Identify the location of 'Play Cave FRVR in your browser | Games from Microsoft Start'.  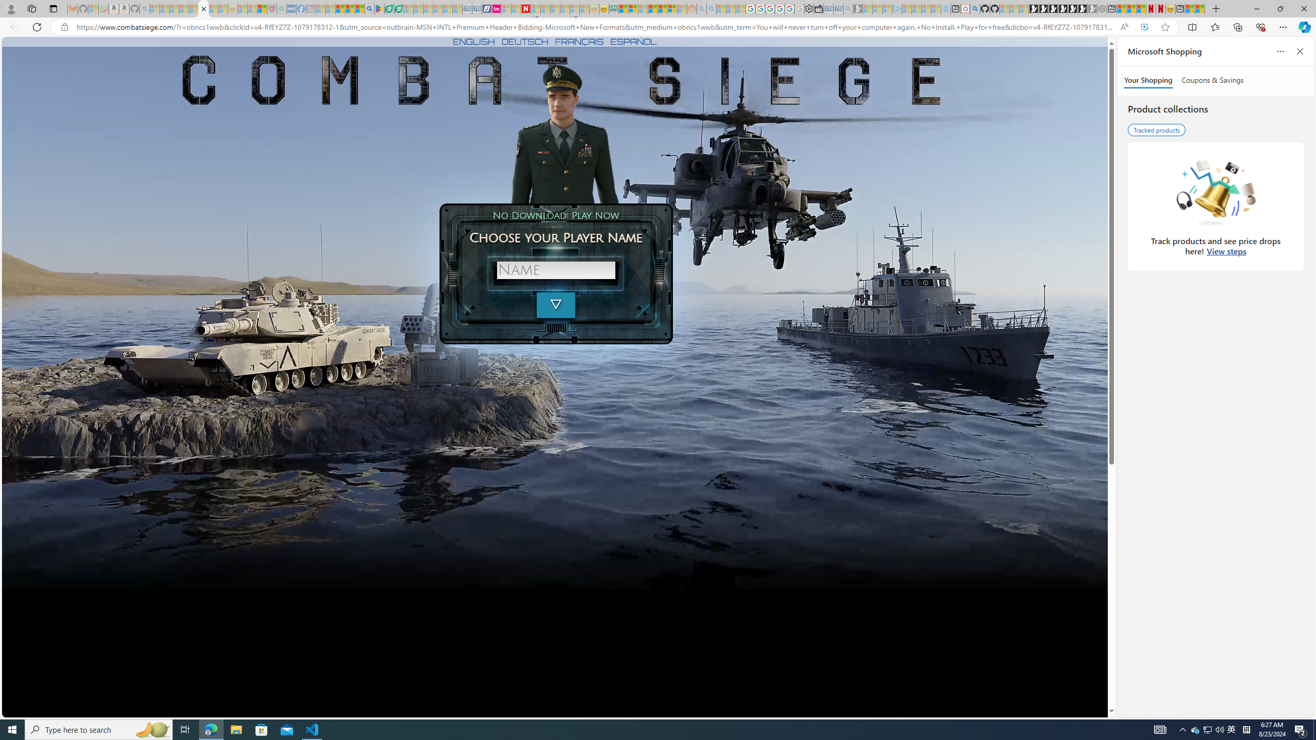
(1052, 8).